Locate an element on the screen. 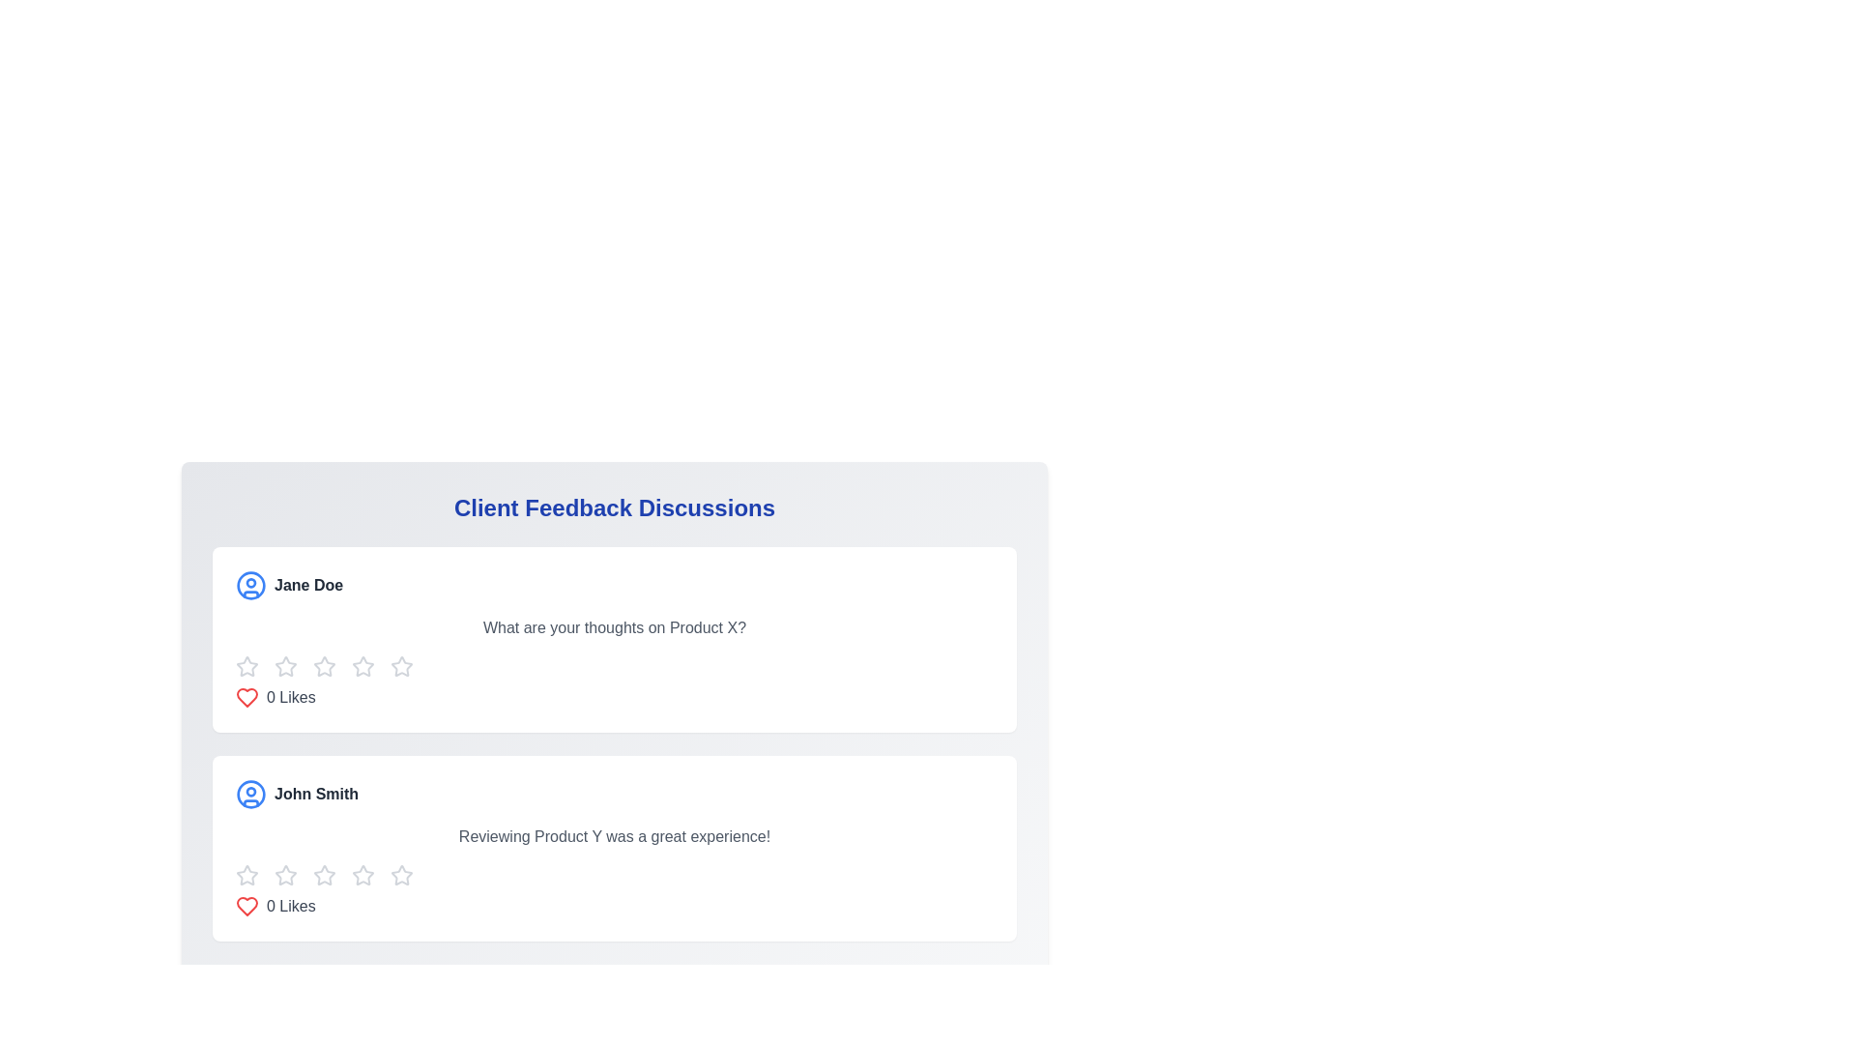 Image resolution: width=1856 pixels, height=1044 pixels. the second star icon in the rating system under the feedback section for 'John Smith' to rate is located at coordinates (325, 875).